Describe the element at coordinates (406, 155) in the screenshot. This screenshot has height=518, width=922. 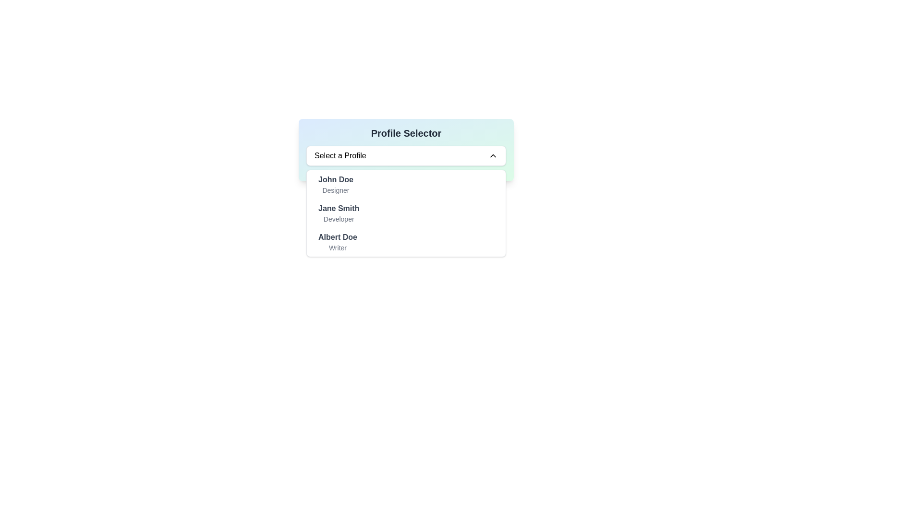
I see `on the dropdown menu labeled 'Select a Profile' located beneath the 'Profile Selector' title` at that location.